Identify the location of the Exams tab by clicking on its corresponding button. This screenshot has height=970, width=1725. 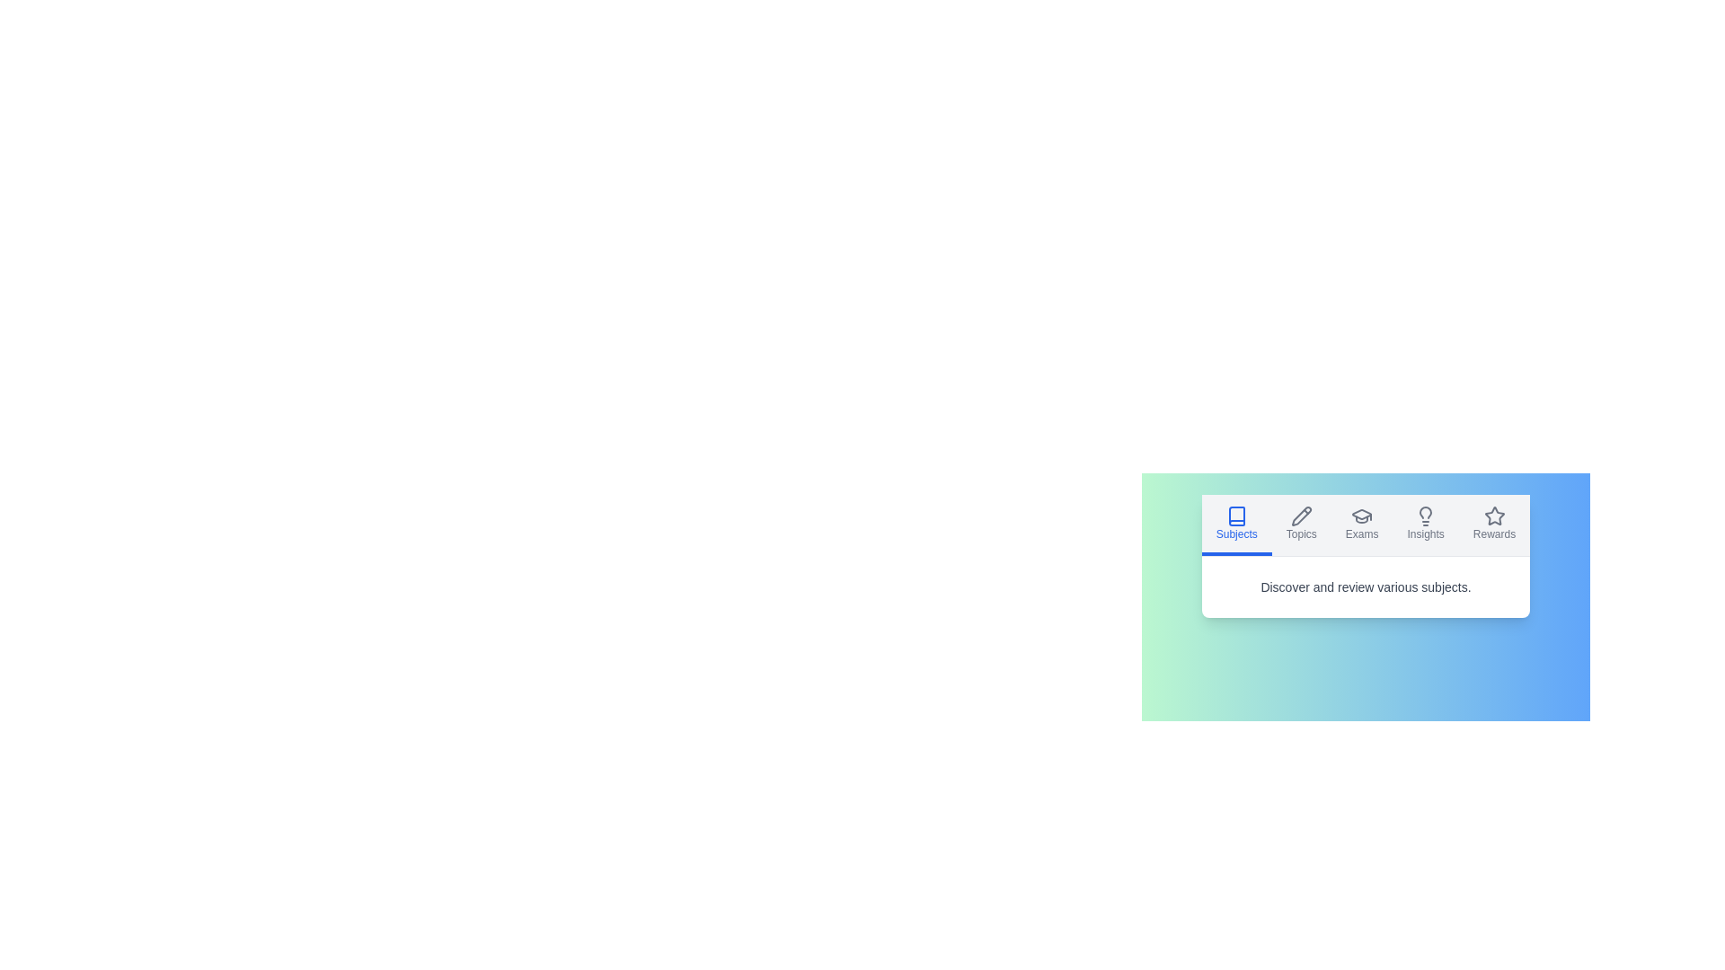
(1362, 525).